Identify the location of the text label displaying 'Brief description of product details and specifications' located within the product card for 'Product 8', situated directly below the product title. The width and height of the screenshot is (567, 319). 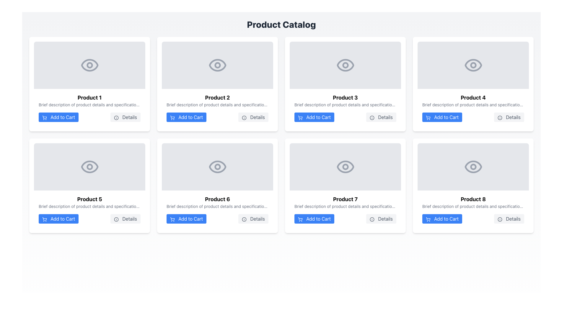
(473, 206).